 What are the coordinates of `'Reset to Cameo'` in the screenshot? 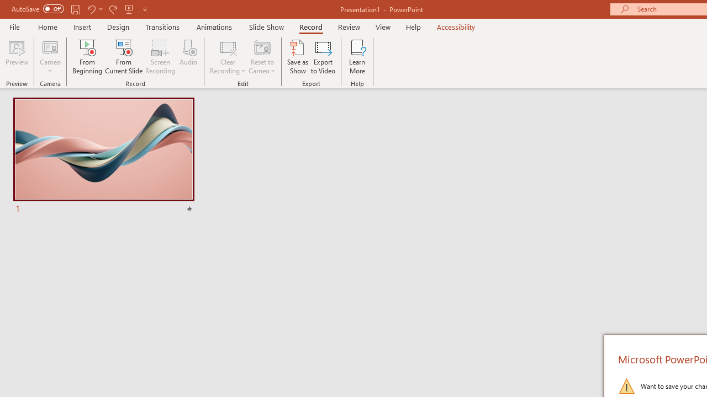 It's located at (261, 57).